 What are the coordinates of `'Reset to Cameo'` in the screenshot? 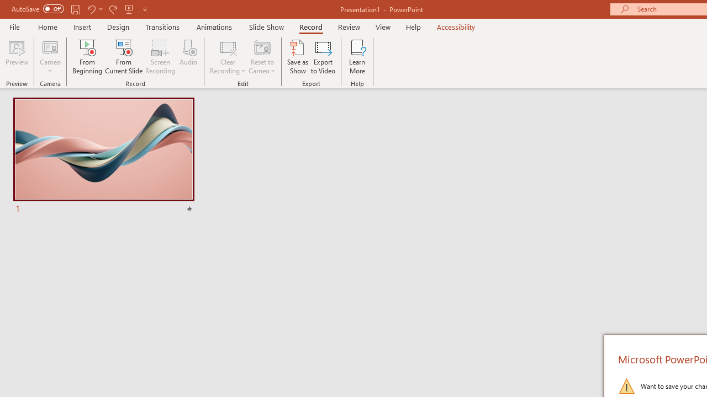 It's located at (261, 57).